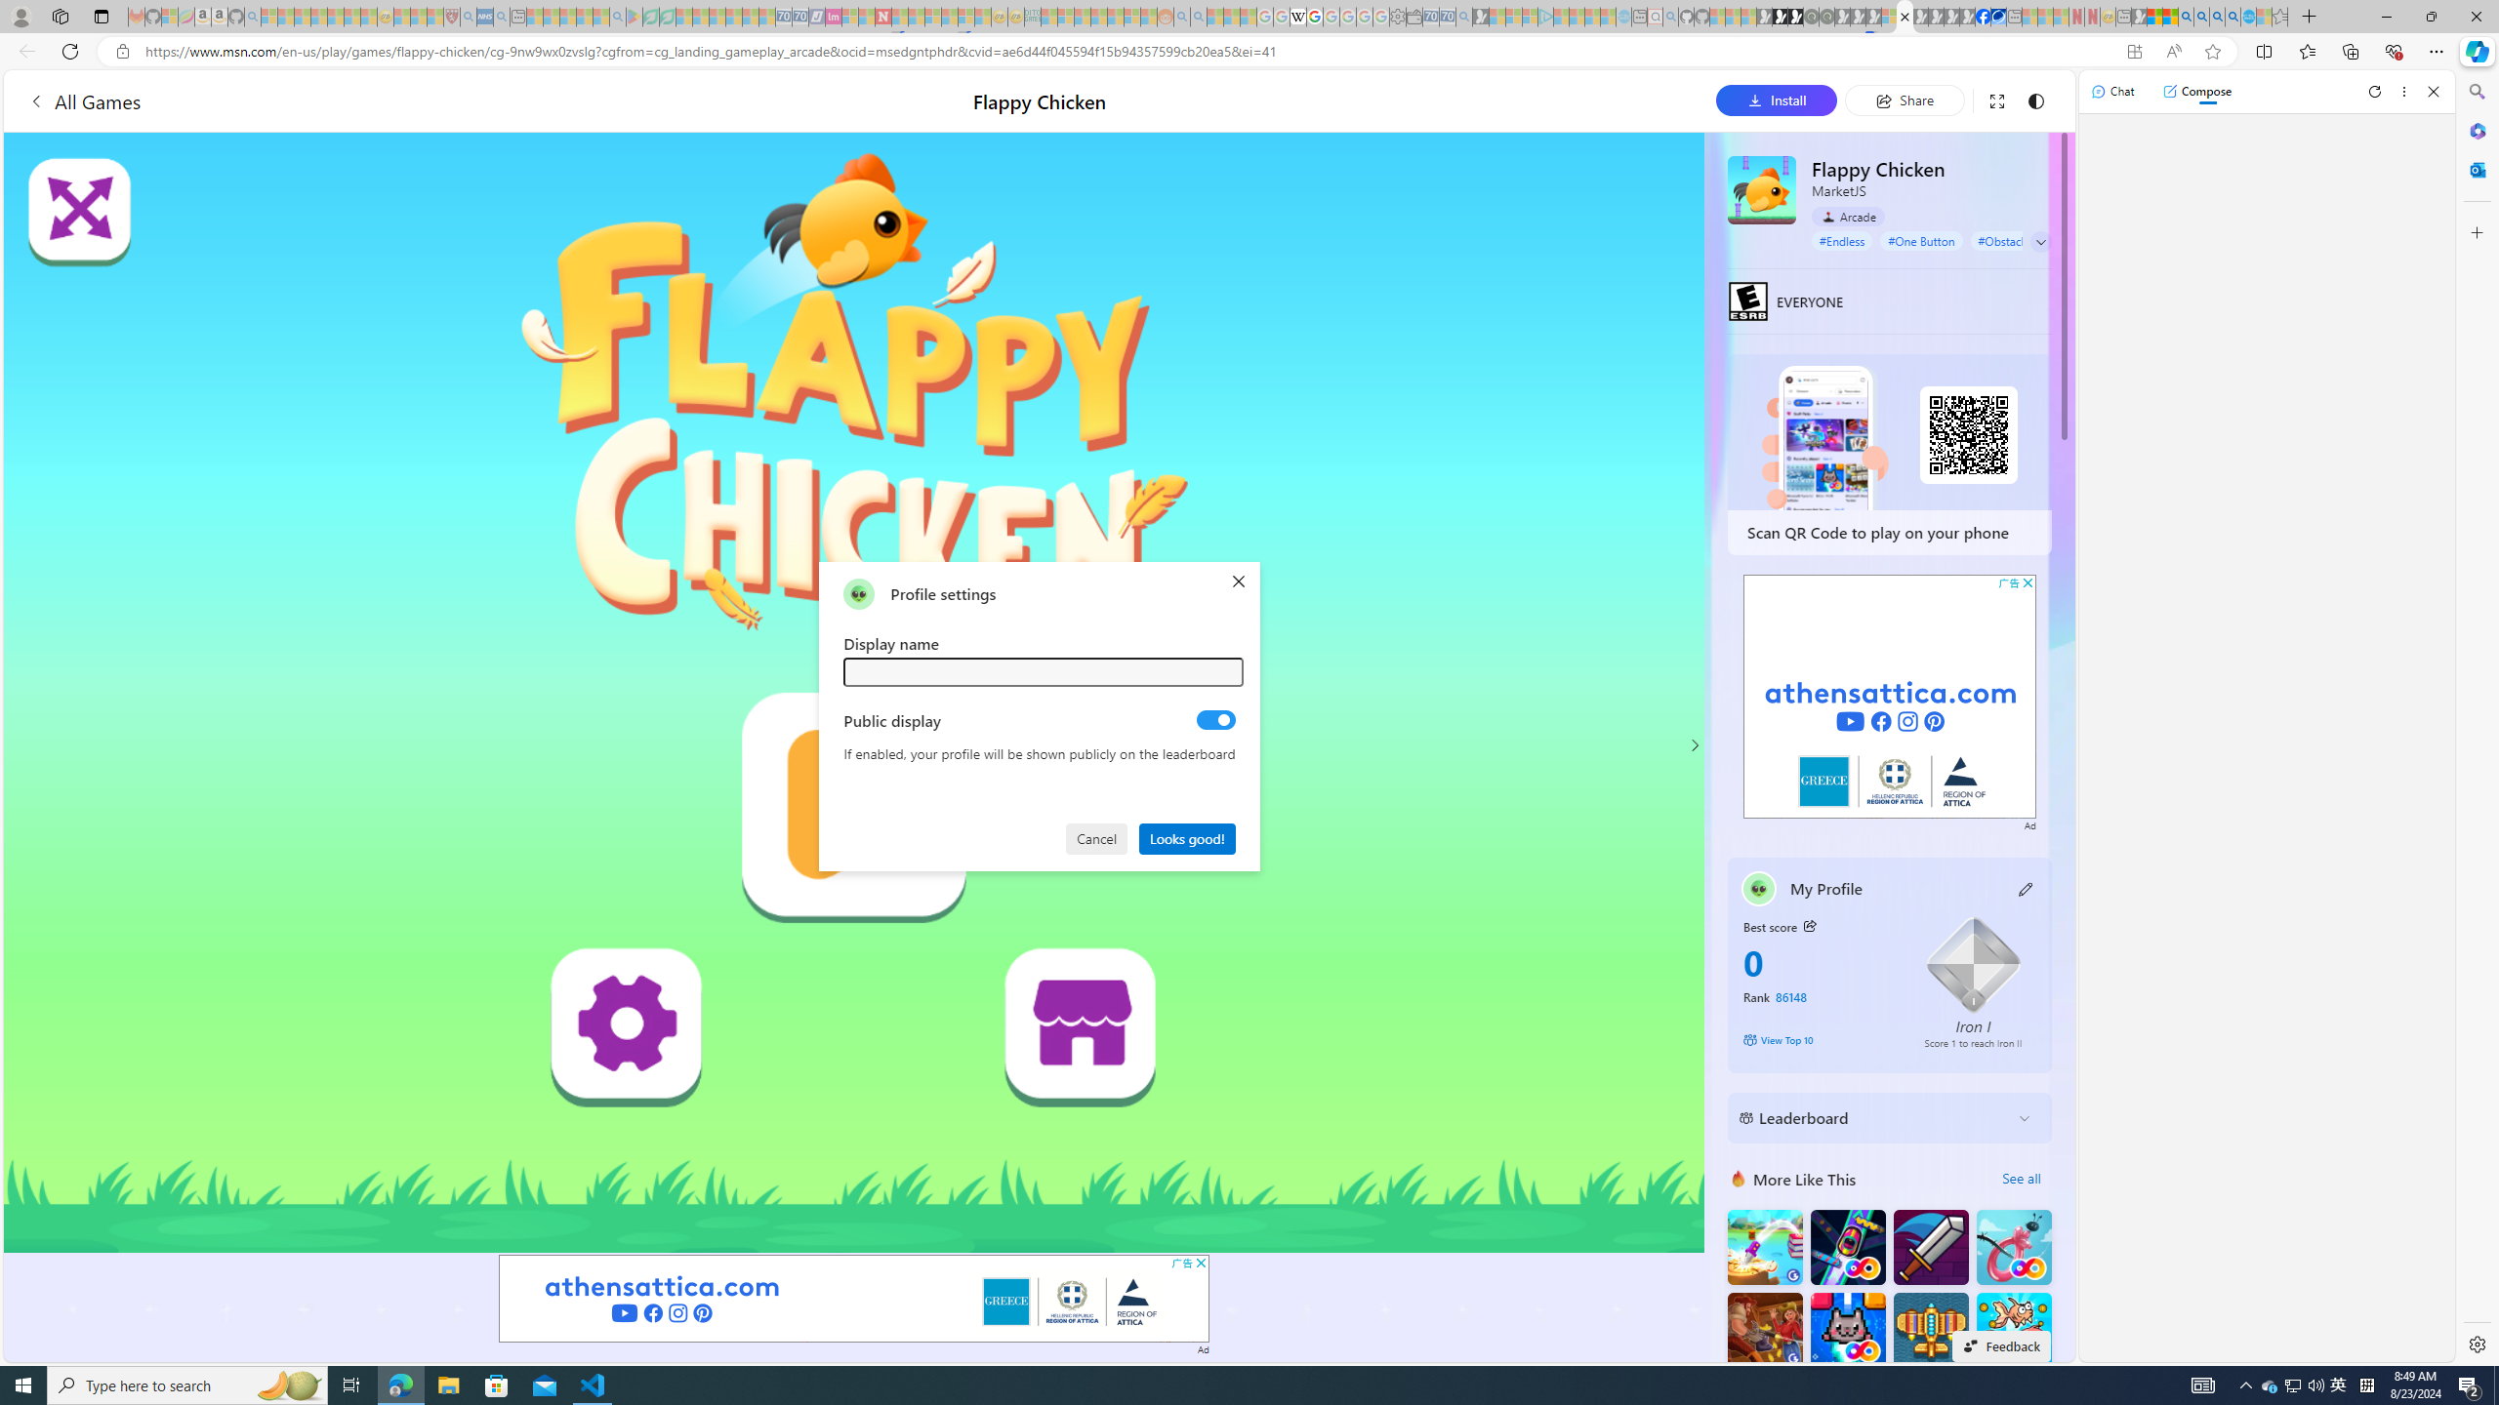 Image resolution: width=2499 pixels, height=1405 pixels. Describe the element at coordinates (1996, 100) in the screenshot. I see `'Full screen'` at that location.